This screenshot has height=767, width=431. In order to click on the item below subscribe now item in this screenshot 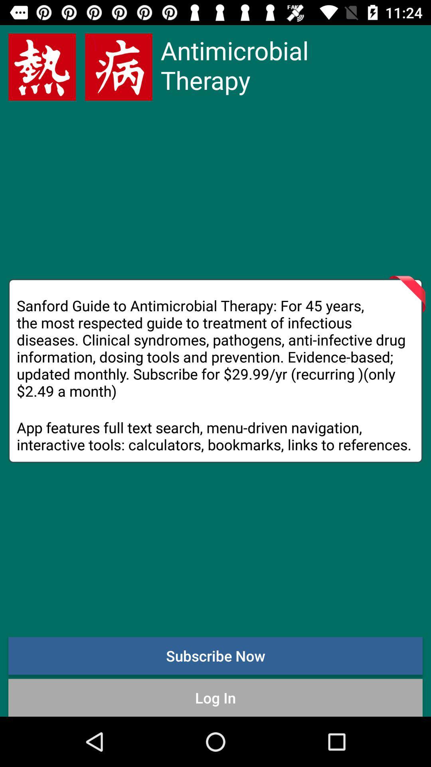, I will do `click(215, 697)`.